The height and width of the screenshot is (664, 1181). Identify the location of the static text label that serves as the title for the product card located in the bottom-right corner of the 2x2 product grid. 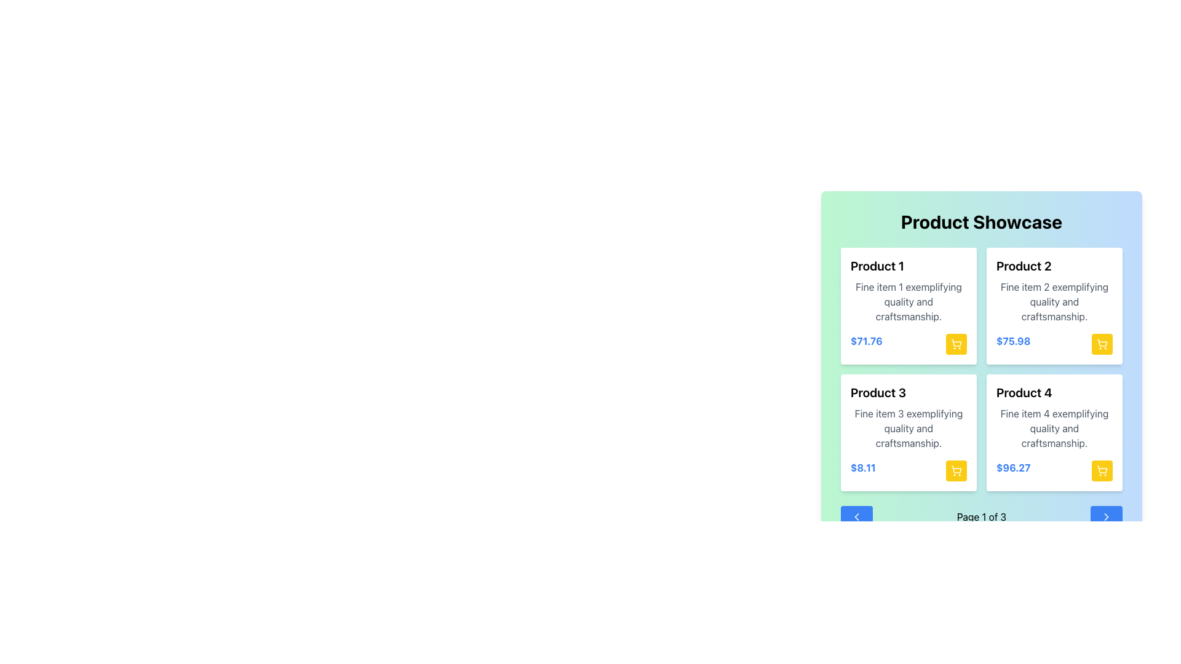
(1024, 393).